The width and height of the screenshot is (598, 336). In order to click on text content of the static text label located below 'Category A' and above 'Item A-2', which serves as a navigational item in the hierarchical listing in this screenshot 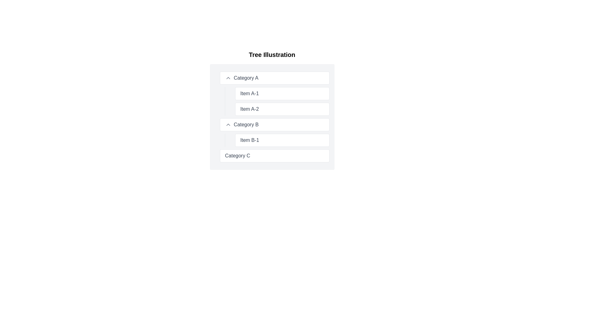, I will do `click(249, 93)`.